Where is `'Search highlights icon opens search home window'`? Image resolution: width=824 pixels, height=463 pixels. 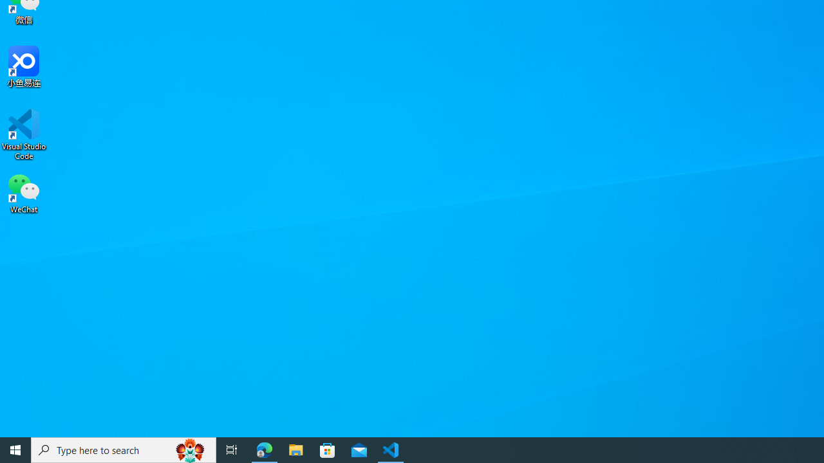 'Search highlights icon opens search home window' is located at coordinates (189, 449).